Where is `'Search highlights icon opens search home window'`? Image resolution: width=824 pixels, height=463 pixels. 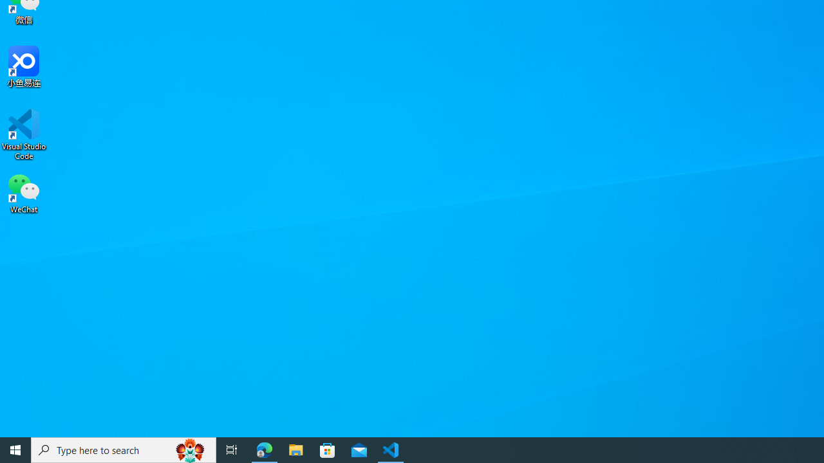 'Search highlights icon opens search home window' is located at coordinates (189, 449).